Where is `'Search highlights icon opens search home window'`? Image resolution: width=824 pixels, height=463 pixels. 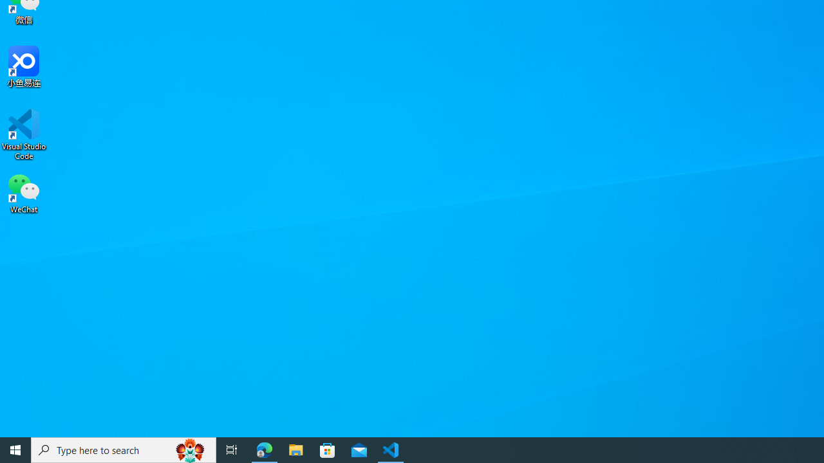 'Search highlights icon opens search home window' is located at coordinates (189, 449).